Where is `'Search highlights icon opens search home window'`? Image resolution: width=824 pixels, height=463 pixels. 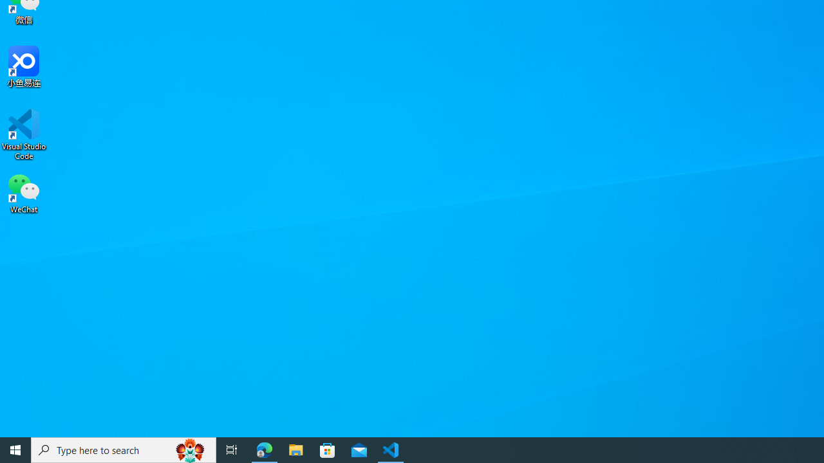 'Search highlights icon opens search home window' is located at coordinates (189, 449).